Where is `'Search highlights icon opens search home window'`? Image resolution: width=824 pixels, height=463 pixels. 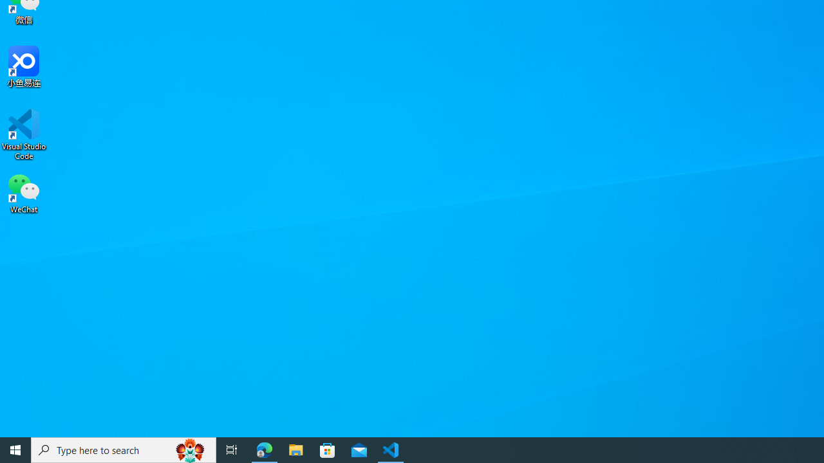 'Search highlights icon opens search home window' is located at coordinates (189, 449).